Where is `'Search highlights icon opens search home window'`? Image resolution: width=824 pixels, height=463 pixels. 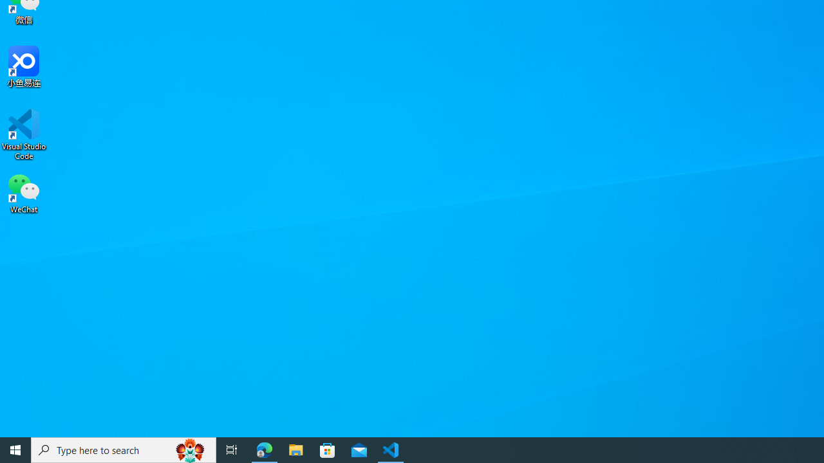 'Search highlights icon opens search home window' is located at coordinates (189, 449).